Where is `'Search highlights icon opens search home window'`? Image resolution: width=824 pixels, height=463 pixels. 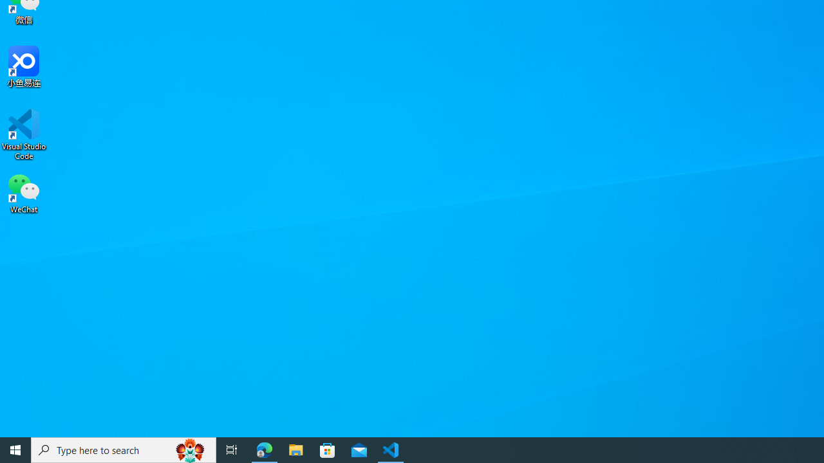 'Search highlights icon opens search home window' is located at coordinates (189, 449).